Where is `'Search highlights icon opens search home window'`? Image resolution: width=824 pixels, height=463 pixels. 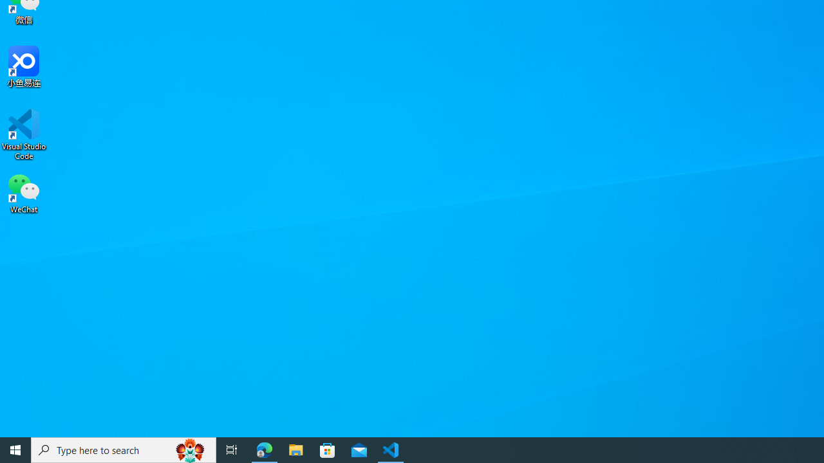 'Search highlights icon opens search home window' is located at coordinates (189, 449).